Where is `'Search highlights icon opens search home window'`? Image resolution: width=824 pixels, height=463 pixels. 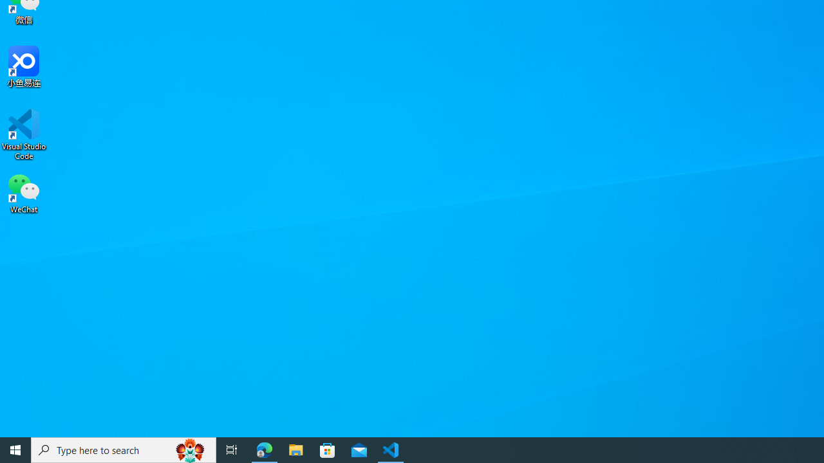 'Search highlights icon opens search home window' is located at coordinates (189, 449).